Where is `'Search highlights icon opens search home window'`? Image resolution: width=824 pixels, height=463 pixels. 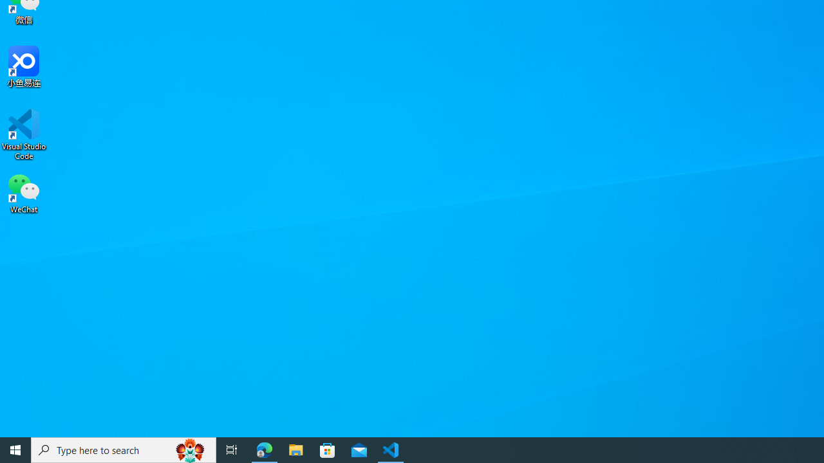 'Search highlights icon opens search home window' is located at coordinates (189, 449).